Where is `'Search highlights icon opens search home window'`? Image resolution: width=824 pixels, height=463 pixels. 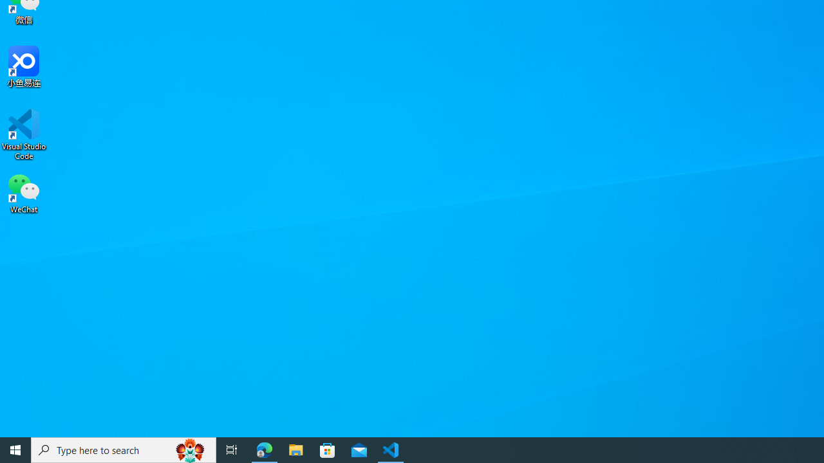 'Search highlights icon opens search home window' is located at coordinates (189, 449).